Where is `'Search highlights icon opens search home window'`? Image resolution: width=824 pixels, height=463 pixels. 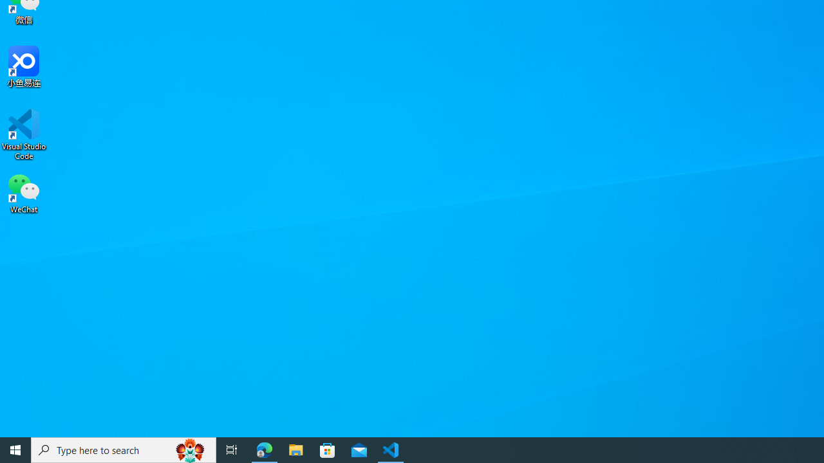 'Search highlights icon opens search home window' is located at coordinates (189, 449).